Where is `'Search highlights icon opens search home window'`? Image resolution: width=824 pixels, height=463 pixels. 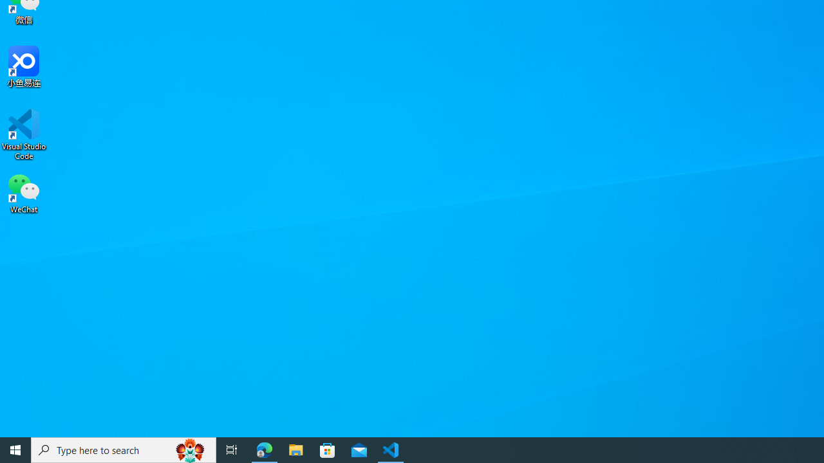 'Search highlights icon opens search home window' is located at coordinates (189, 449).